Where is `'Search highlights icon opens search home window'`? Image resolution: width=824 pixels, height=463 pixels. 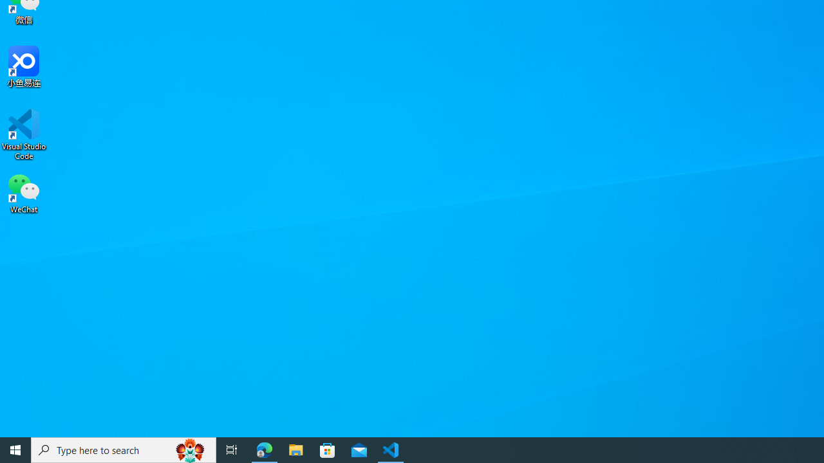 'Search highlights icon opens search home window' is located at coordinates (189, 449).